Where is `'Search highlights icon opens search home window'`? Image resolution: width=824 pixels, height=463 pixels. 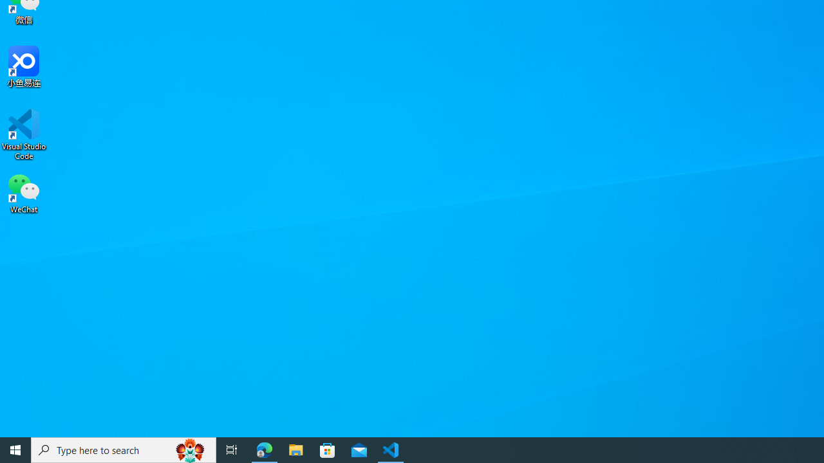 'Search highlights icon opens search home window' is located at coordinates (189, 449).